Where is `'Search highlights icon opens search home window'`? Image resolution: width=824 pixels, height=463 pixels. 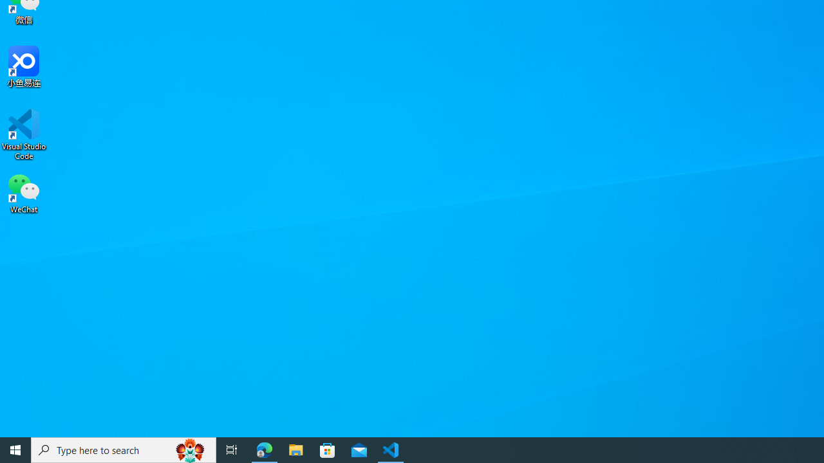 'Search highlights icon opens search home window' is located at coordinates (189, 449).